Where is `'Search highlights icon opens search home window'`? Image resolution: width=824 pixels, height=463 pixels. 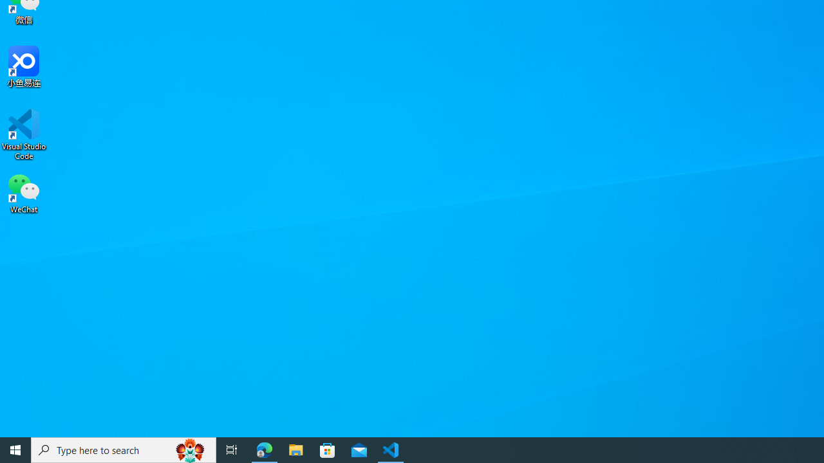 'Search highlights icon opens search home window' is located at coordinates (189, 449).